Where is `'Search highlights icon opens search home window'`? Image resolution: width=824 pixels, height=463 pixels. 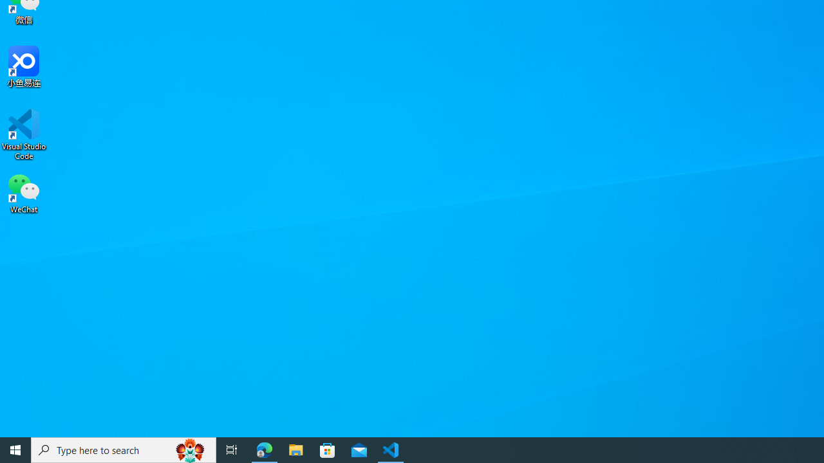 'Search highlights icon opens search home window' is located at coordinates (189, 449).